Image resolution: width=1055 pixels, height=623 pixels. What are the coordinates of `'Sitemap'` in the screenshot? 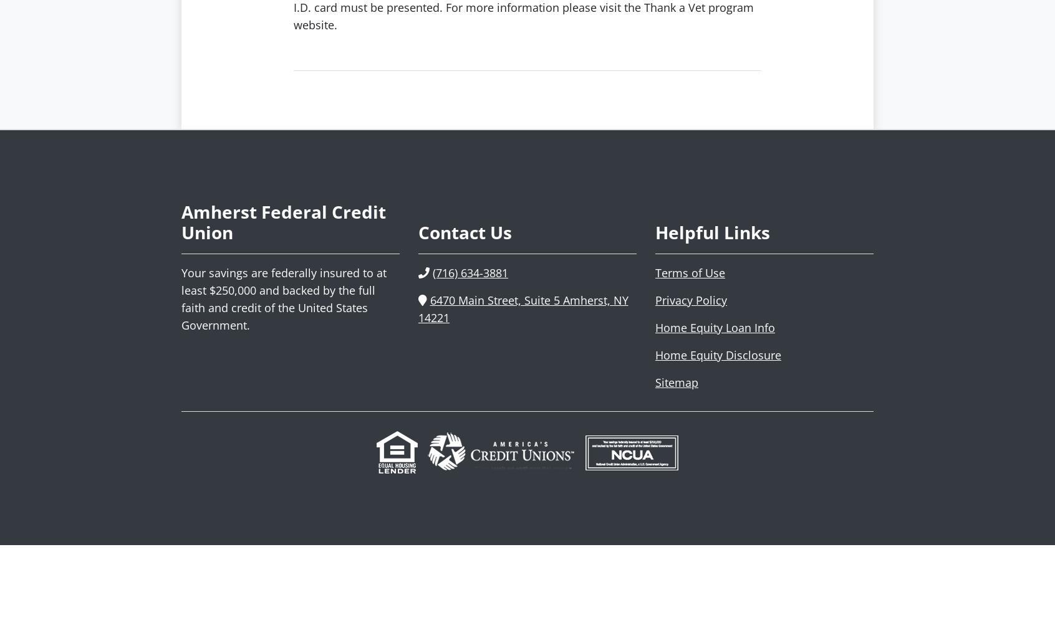 It's located at (677, 381).